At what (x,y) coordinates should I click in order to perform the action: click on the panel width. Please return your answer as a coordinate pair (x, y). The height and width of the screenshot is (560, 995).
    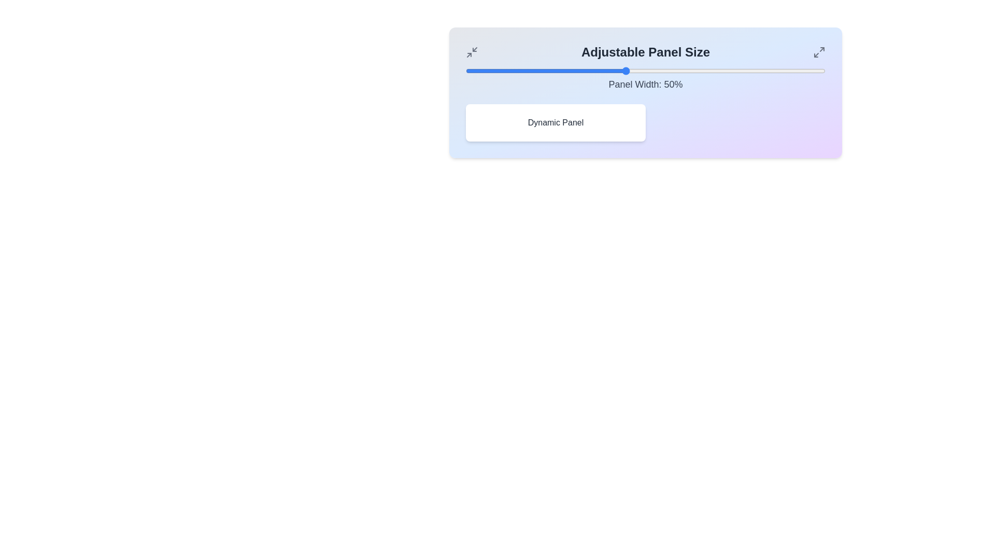
    Looking at the image, I should click on (586, 71).